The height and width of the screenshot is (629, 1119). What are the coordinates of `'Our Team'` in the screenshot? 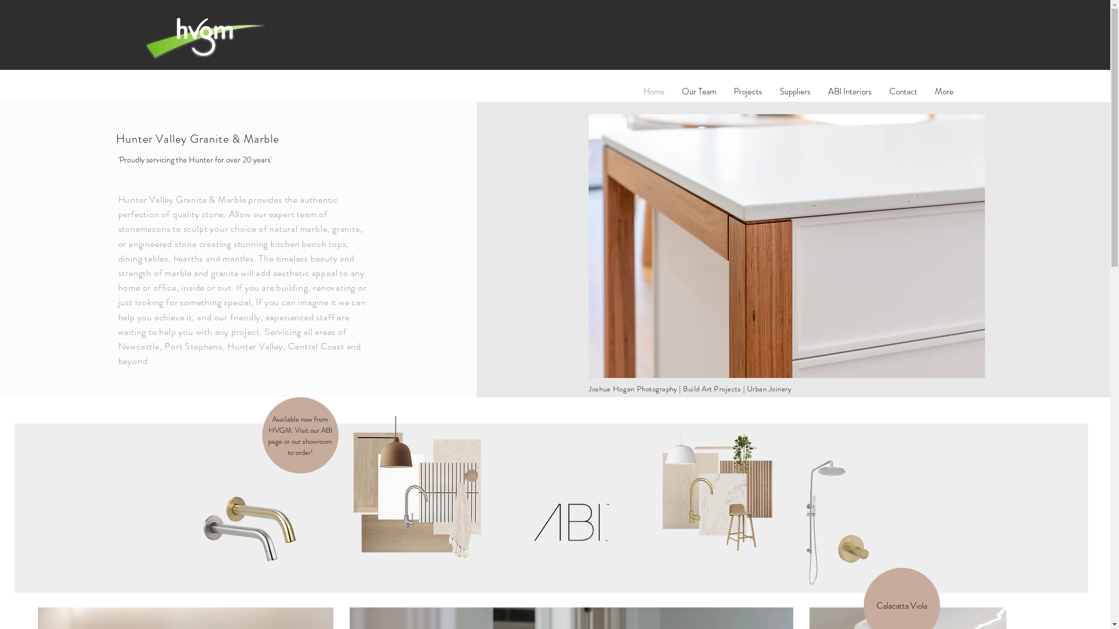 It's located at (698, 91).